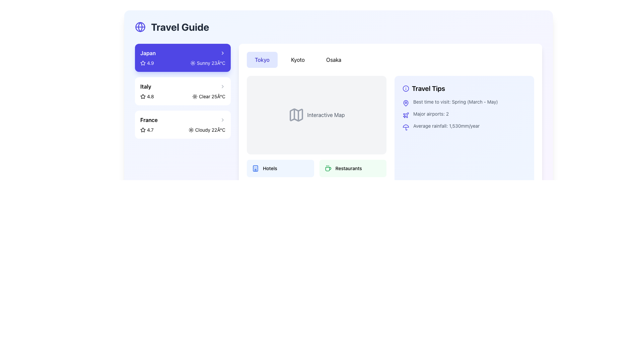 This screenshot has height=361, width=643. I want to click on the static text label displaying the weather as 'Clear 25°C' in bold black font, located within the 'Italy' card on the left side panel, so click(212, 97).